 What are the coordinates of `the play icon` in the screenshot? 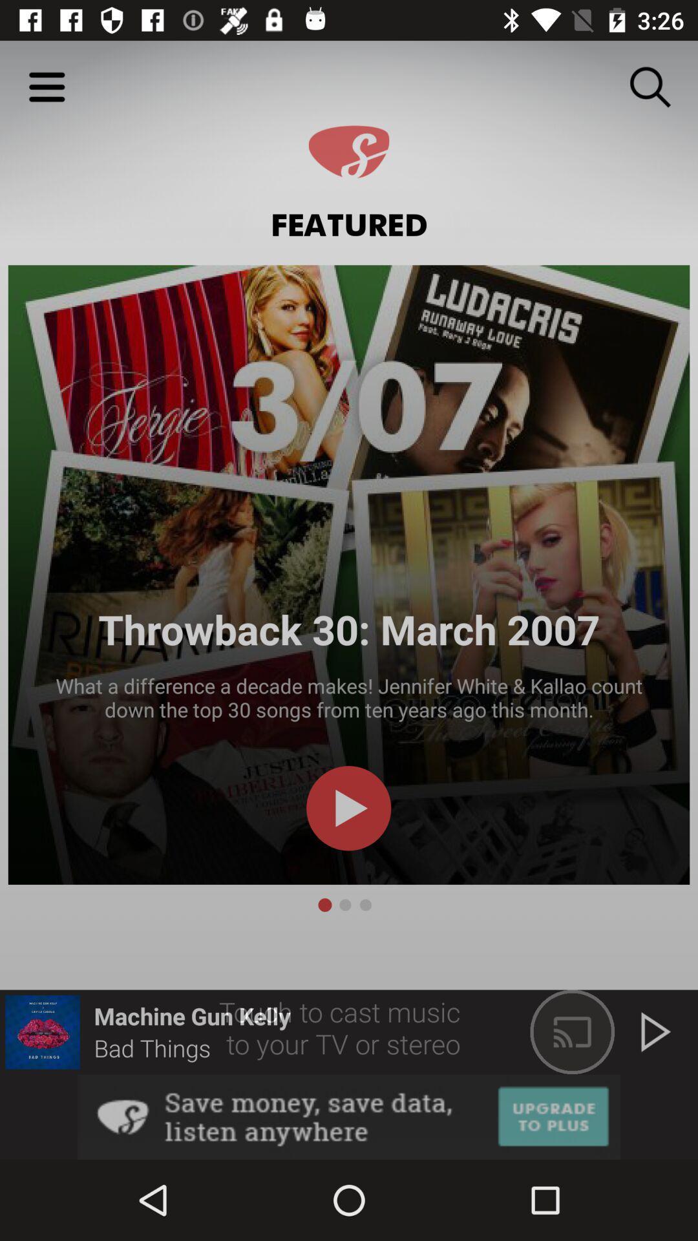 It's located at (655, 1032).